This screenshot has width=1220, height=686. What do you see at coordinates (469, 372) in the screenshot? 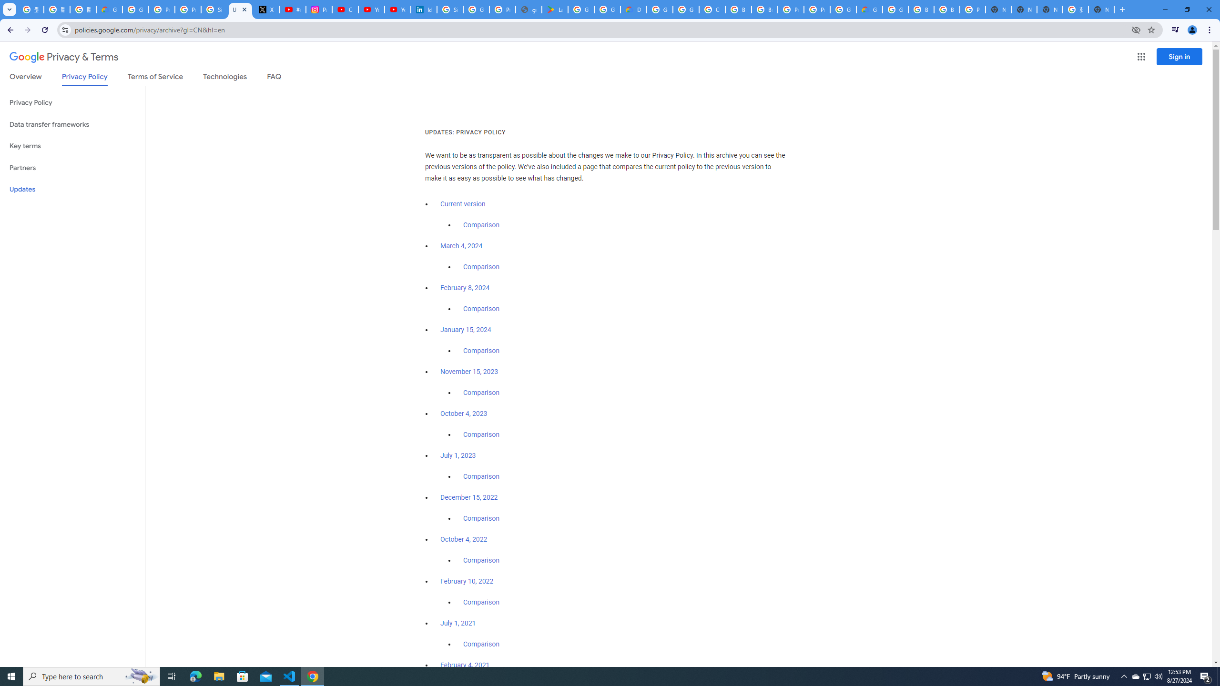
I see `'November 15, 2023'` at bounding box center [469, 372].